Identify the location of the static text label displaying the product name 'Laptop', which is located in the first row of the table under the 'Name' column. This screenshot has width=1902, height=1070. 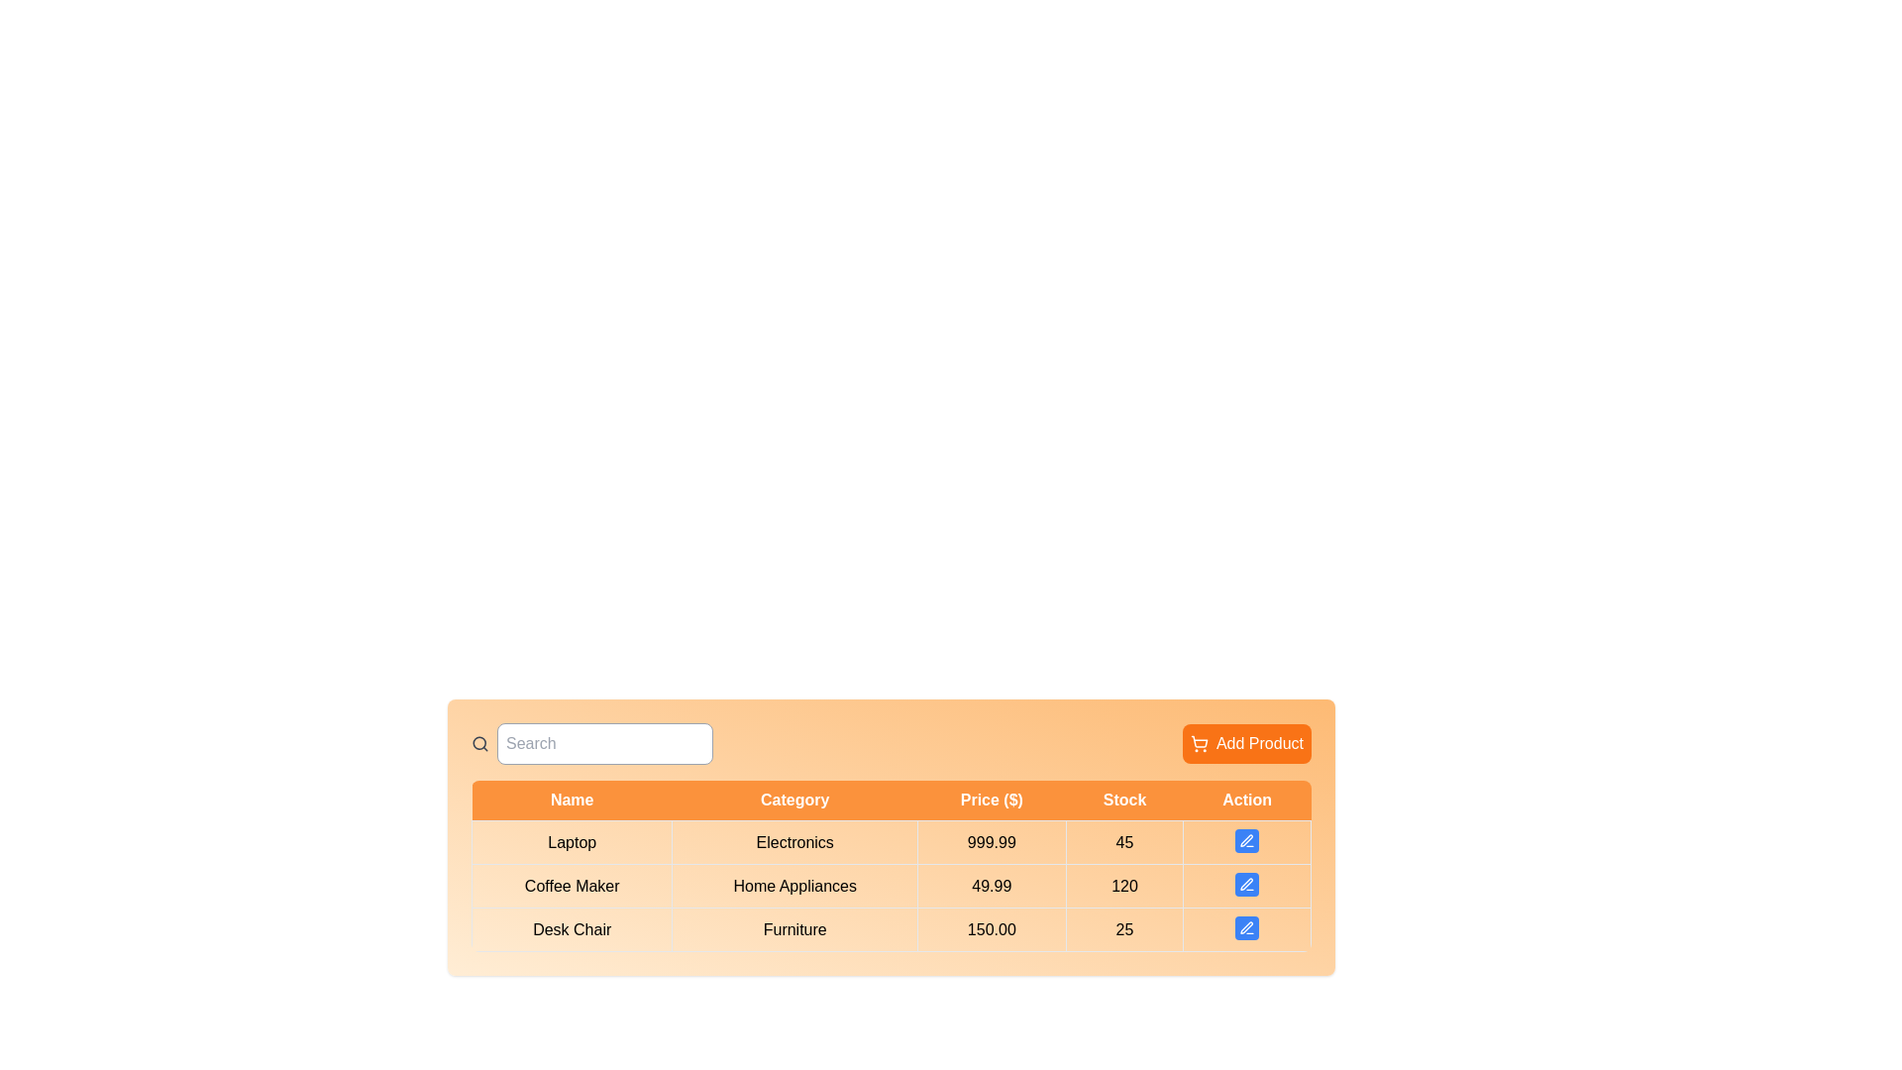
(571, 842).